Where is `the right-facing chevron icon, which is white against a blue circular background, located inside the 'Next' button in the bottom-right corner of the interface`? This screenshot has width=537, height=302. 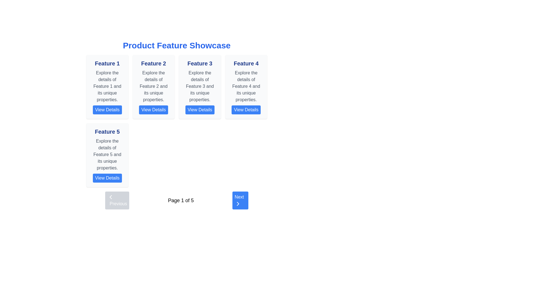
the right-facing chevron icon, which is white against a blue circular background, located inside the 'Next' button in the bottom-right corner of the interface is located at coordinates (238, 204).